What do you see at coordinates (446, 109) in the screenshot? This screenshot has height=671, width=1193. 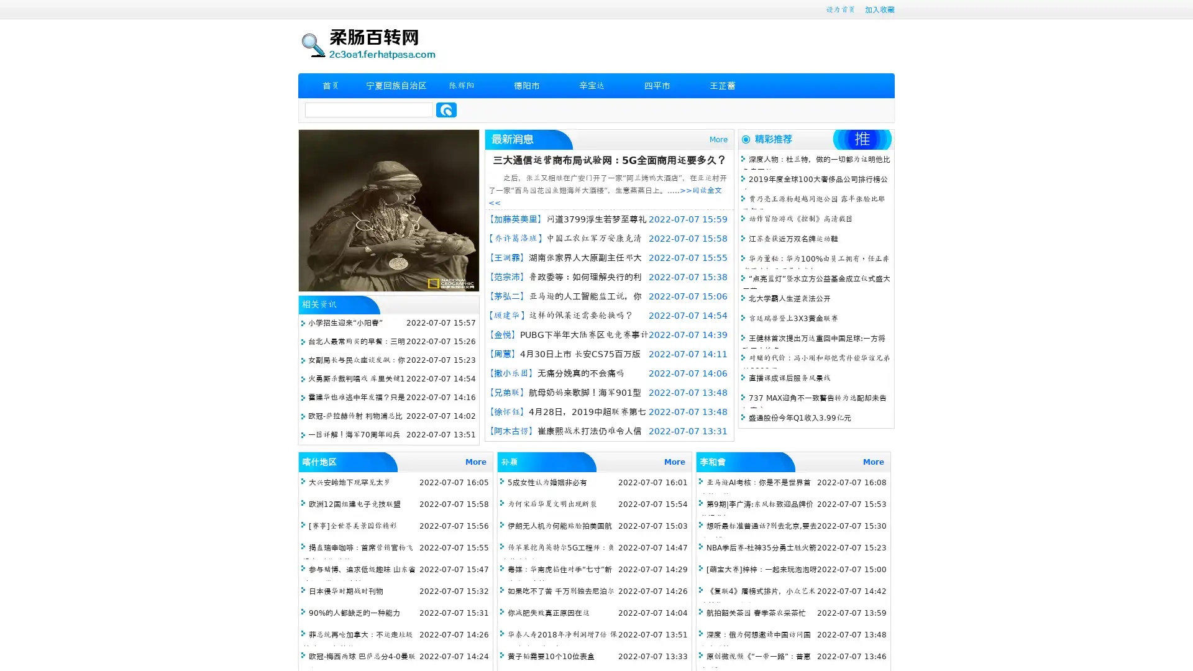 I see `Search` at bounding box center [446, 109].